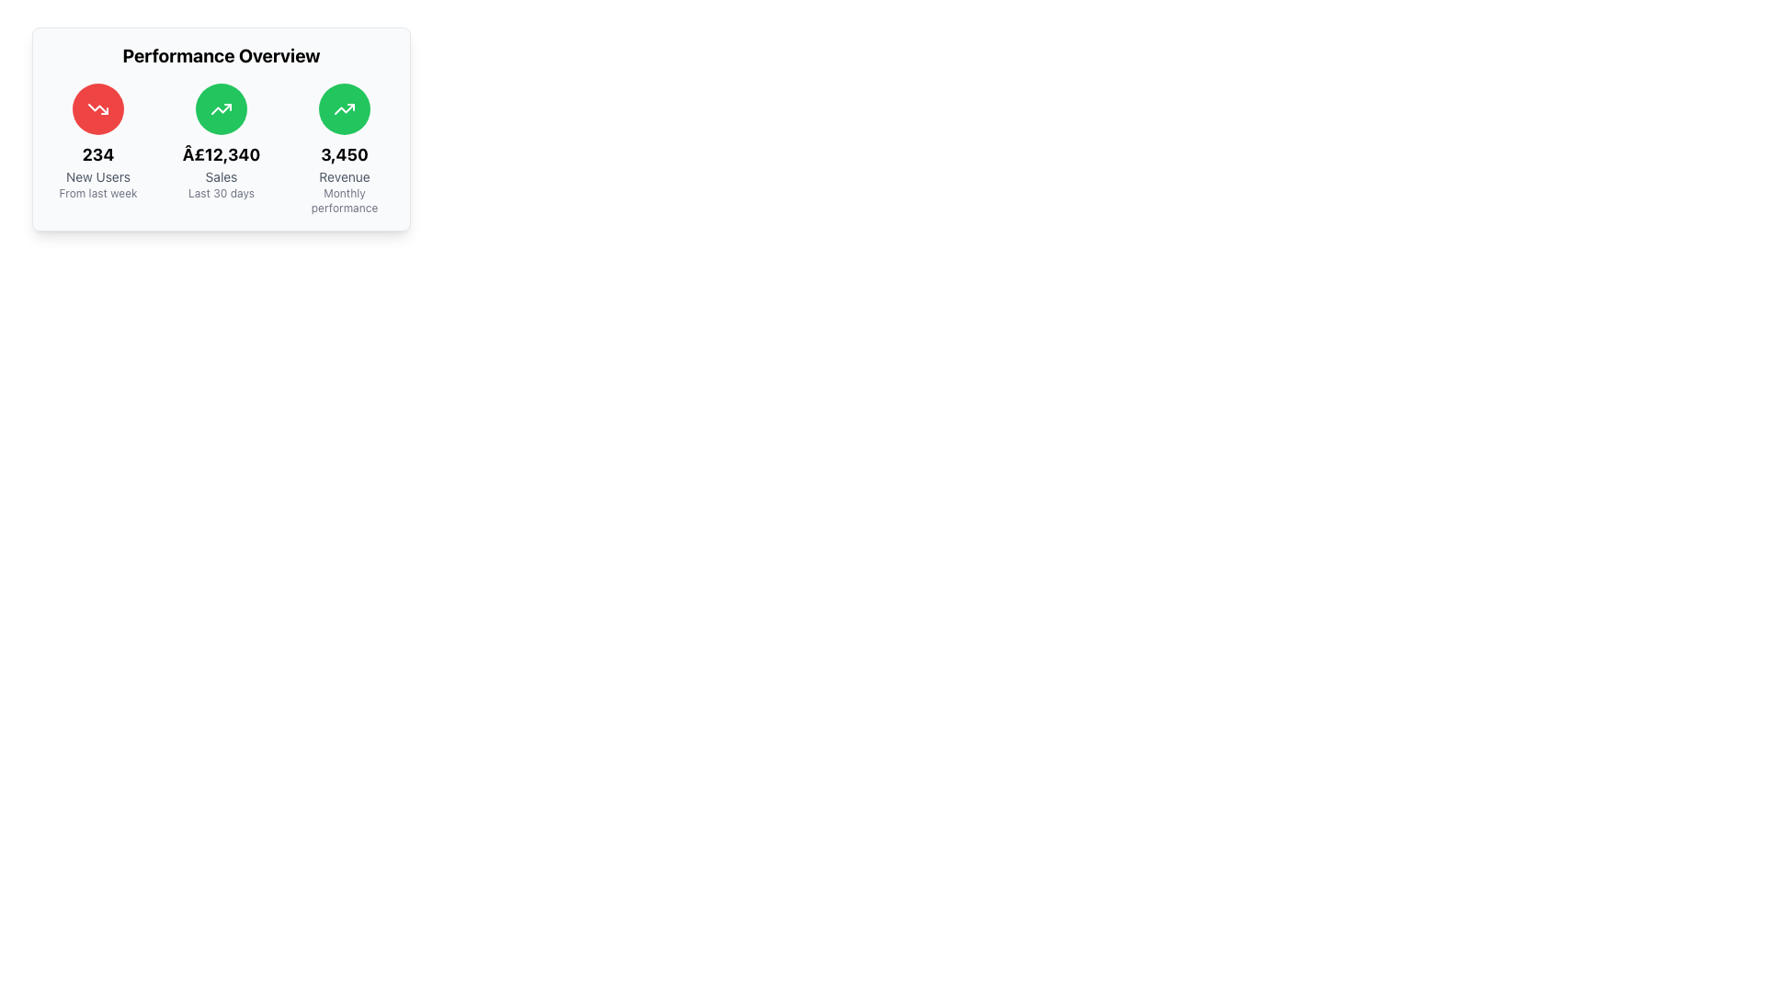 The image size is (1765, 992). I want to click on the circular red icon with a white downward trending arrow graphic located above the text labeled '234' and 'New Users', so click(97, 109).